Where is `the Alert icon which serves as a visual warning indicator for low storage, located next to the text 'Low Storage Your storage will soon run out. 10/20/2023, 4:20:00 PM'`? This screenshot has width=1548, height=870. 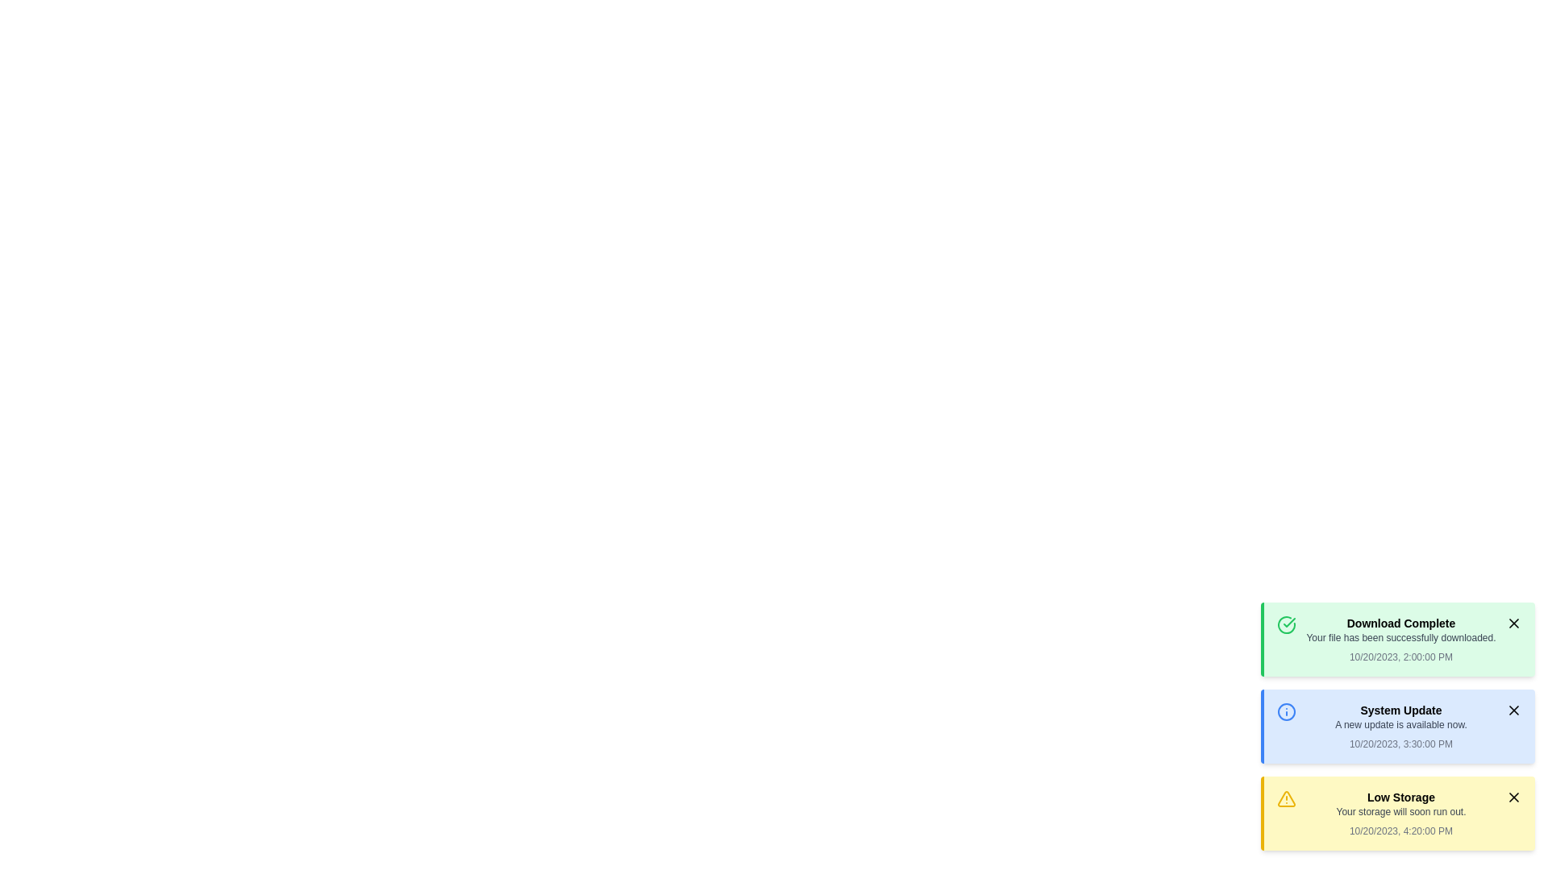
the Alert icon which serves as a visual warning indicator for low storage, located next to the text 'Low Storage Your storage will soon run out. 10/20/2023, 4:20:00 PM' is located at coordinates (1286, 798).